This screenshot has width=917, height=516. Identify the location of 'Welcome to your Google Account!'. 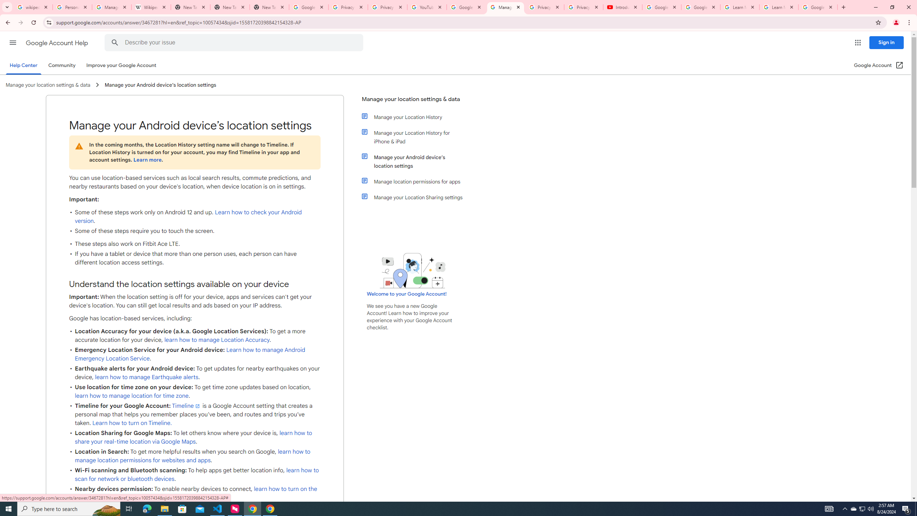
(406, 293).